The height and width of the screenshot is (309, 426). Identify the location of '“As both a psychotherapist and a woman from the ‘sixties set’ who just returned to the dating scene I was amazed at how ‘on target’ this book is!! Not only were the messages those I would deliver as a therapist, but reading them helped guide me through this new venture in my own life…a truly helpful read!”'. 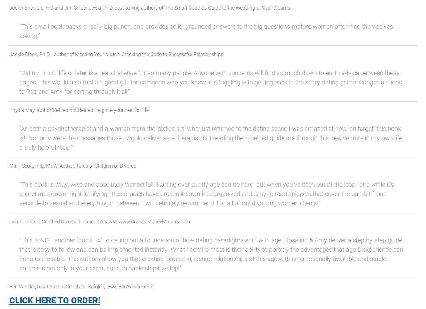
(212, 138).